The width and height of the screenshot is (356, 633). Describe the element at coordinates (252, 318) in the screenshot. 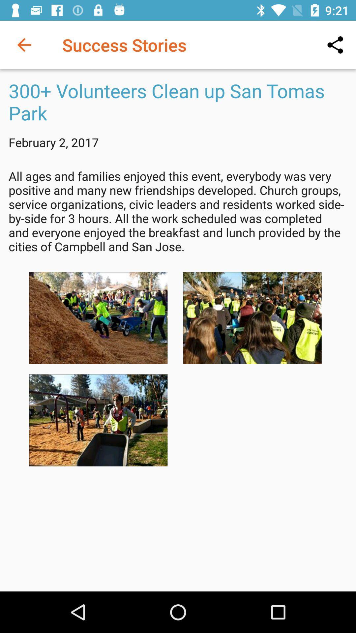

I see `open image` at that location.